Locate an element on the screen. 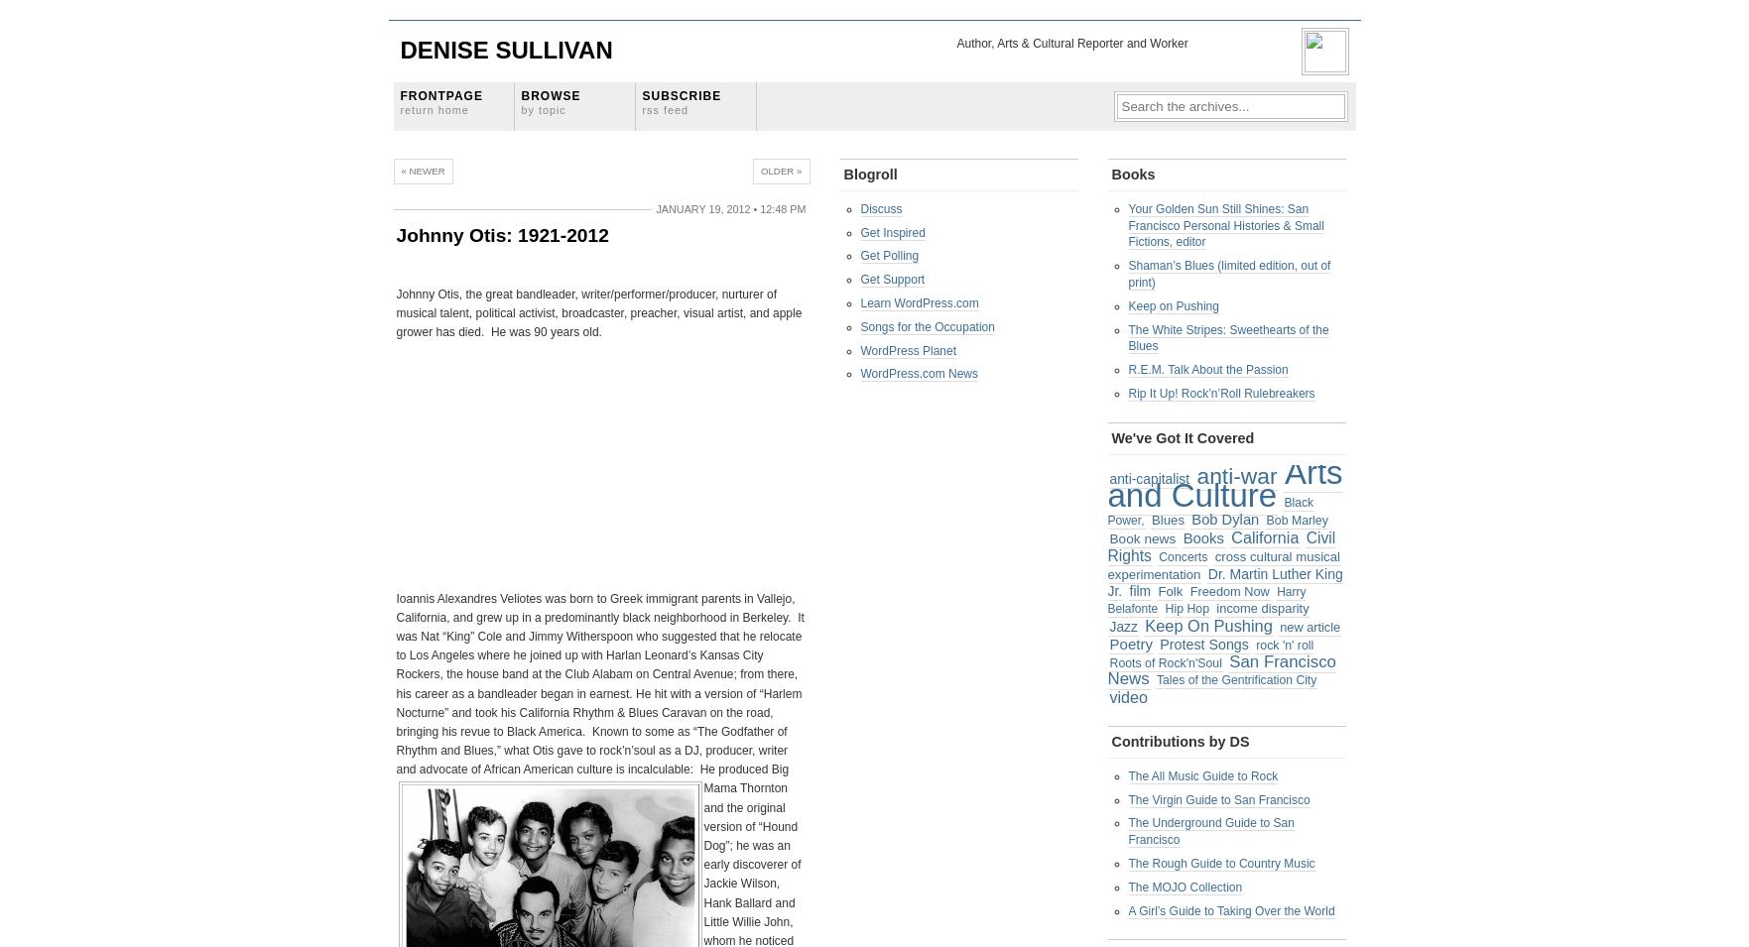 Image resolution: width=1749 pixels, height=947 pixels. 'We've Got It Covered' is located at coordinates (1110, 436).